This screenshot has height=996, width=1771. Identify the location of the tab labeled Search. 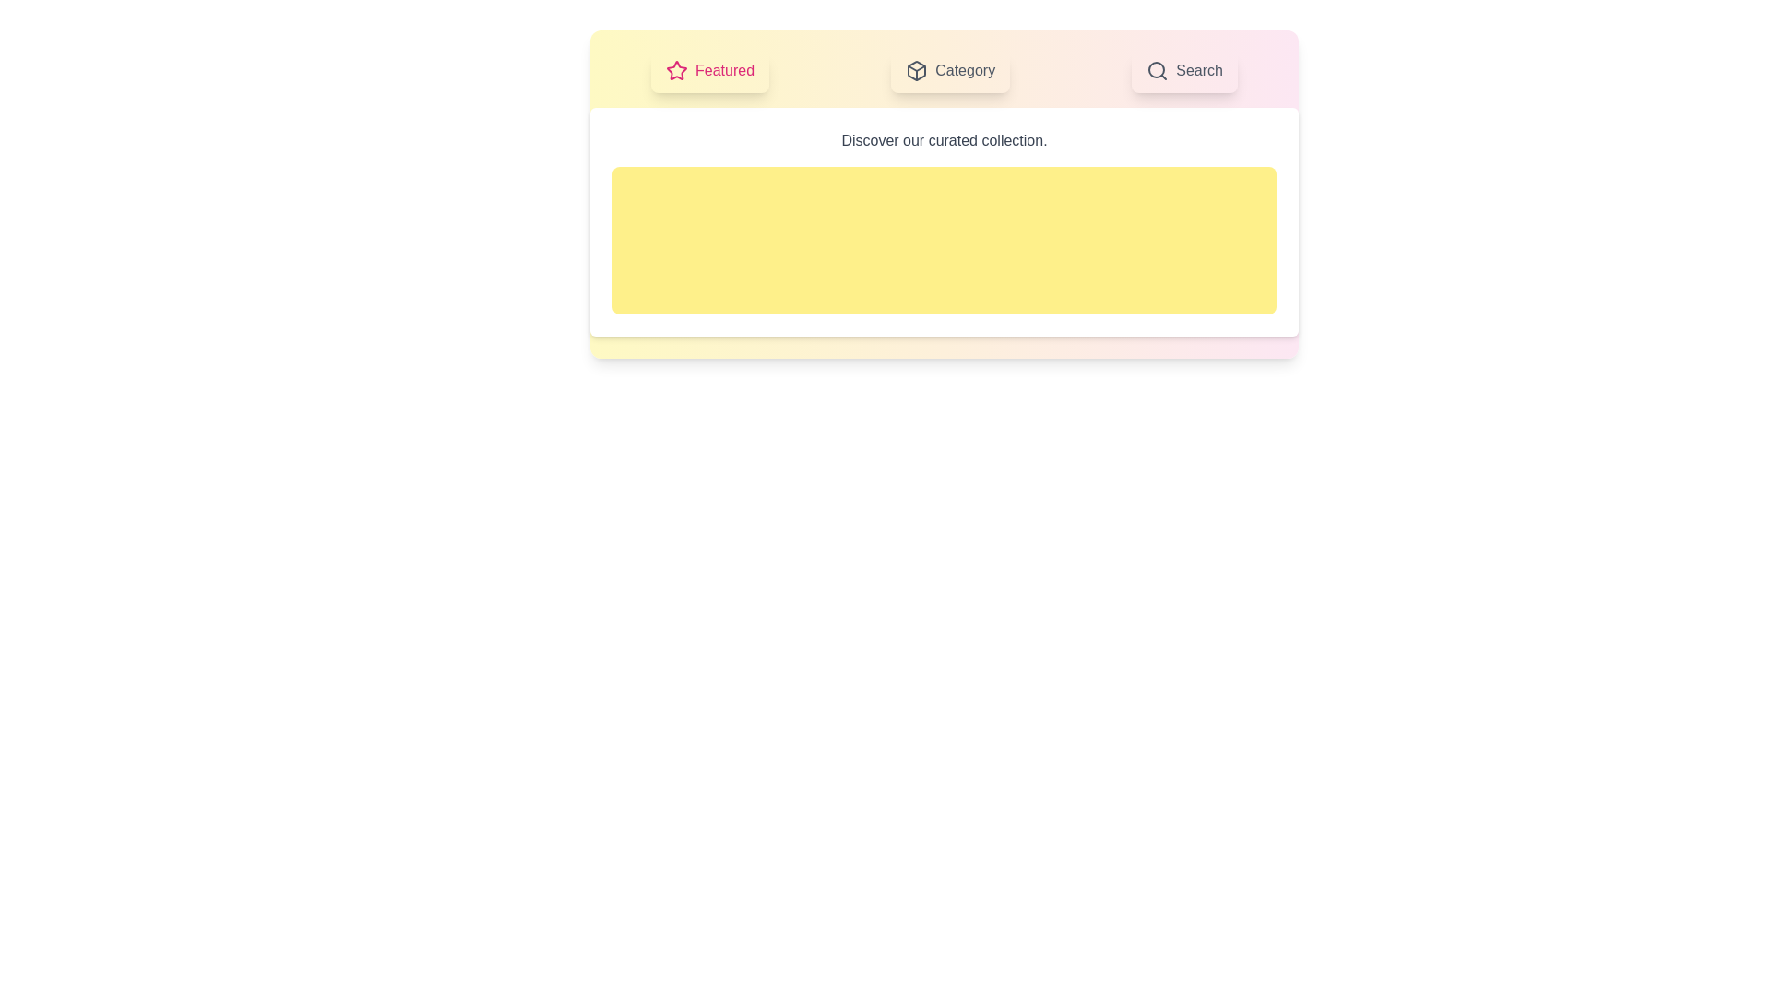
(1184, 71).